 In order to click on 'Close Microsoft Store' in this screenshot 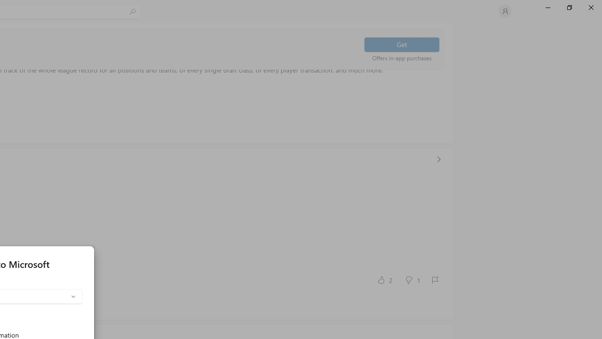, I will do `click(590, 7)`.